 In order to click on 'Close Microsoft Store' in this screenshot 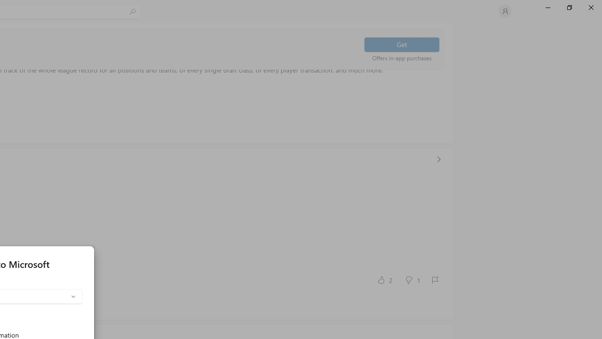, I will do `click(590, 7)`.